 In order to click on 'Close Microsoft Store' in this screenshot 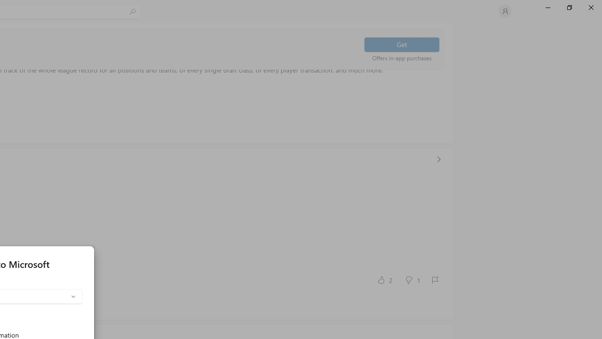, I will do `click(590, 7)`.